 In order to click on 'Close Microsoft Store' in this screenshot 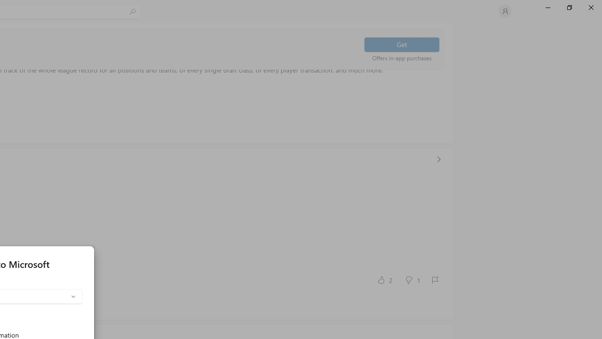, I will do `click(590, 7)`.